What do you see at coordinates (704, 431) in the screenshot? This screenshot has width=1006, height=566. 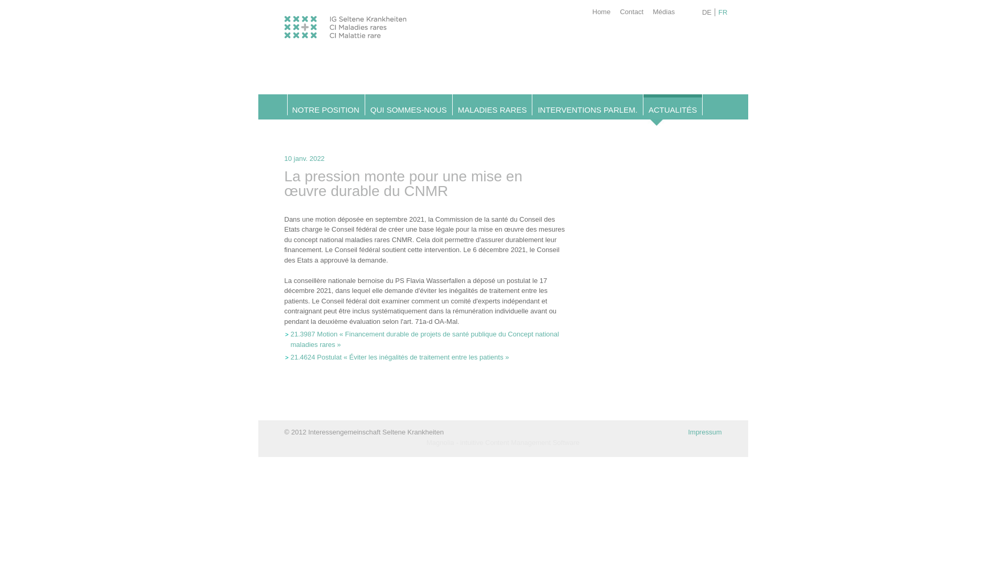 I see `'Impressum'` at bounding box center [704, 431].